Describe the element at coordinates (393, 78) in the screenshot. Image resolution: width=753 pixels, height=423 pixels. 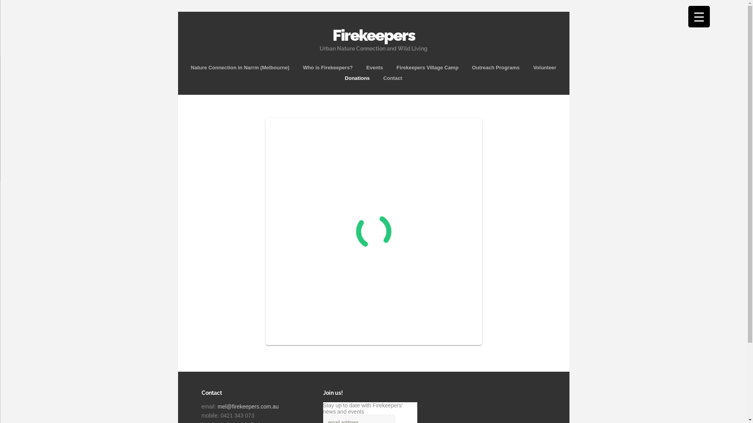
I see `'Contact'` at that location.